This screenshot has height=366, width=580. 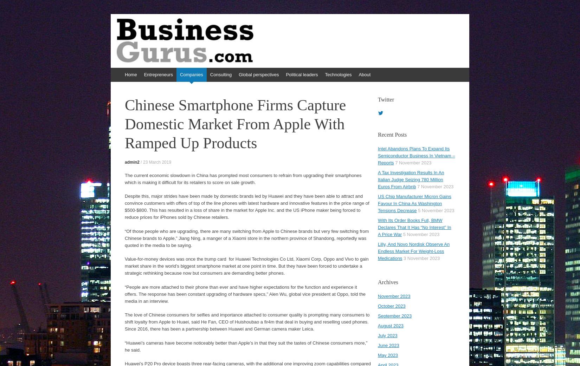 What do you see at coordinates (388, 355) in the screenshot?
I see `'May 2023'` at bounding box center [388, 355].